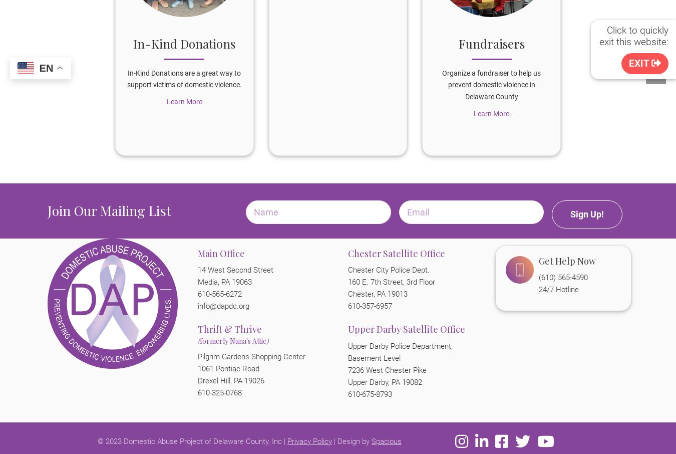 This screenshot has height=454, width=676. Describe the element at coordinates (377, 293) in the screenshot. I see `'Chester, PA 19013'` at that location.